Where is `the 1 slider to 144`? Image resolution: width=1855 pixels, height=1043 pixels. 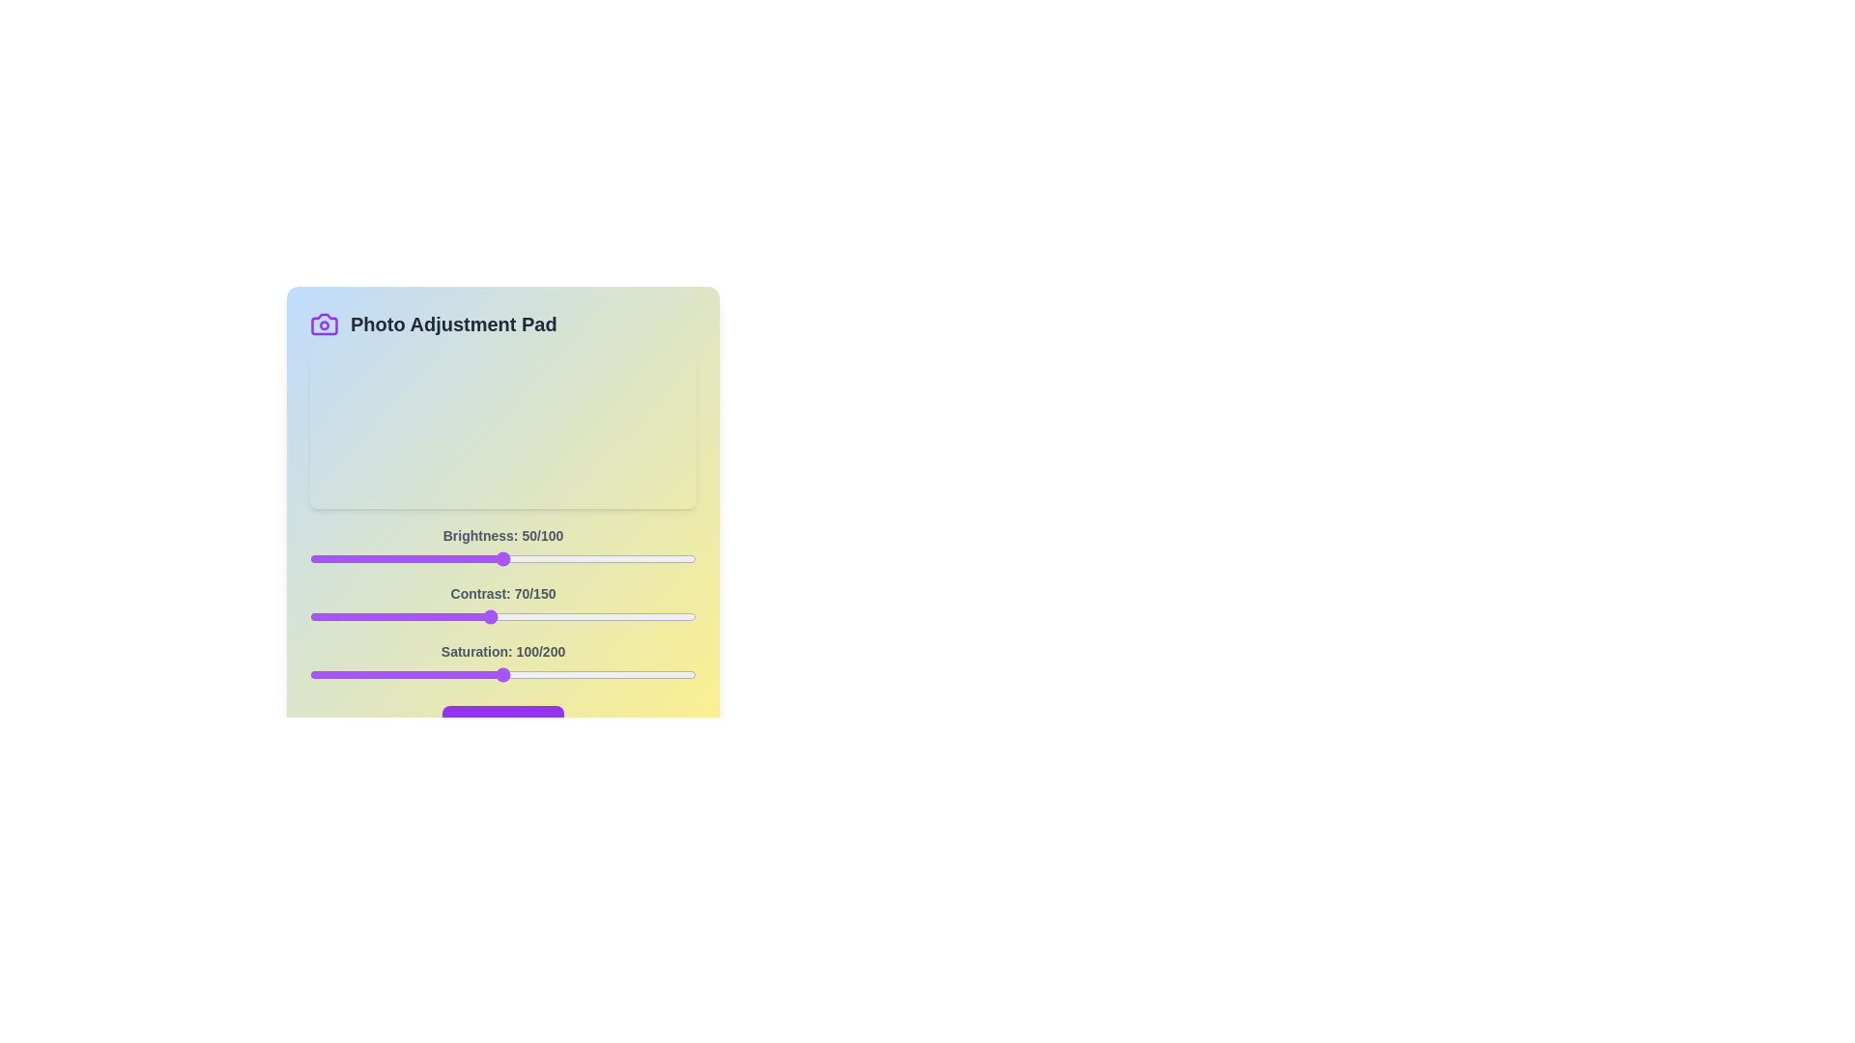 the 1 slider to 144 is located at coordinates (681, 617).